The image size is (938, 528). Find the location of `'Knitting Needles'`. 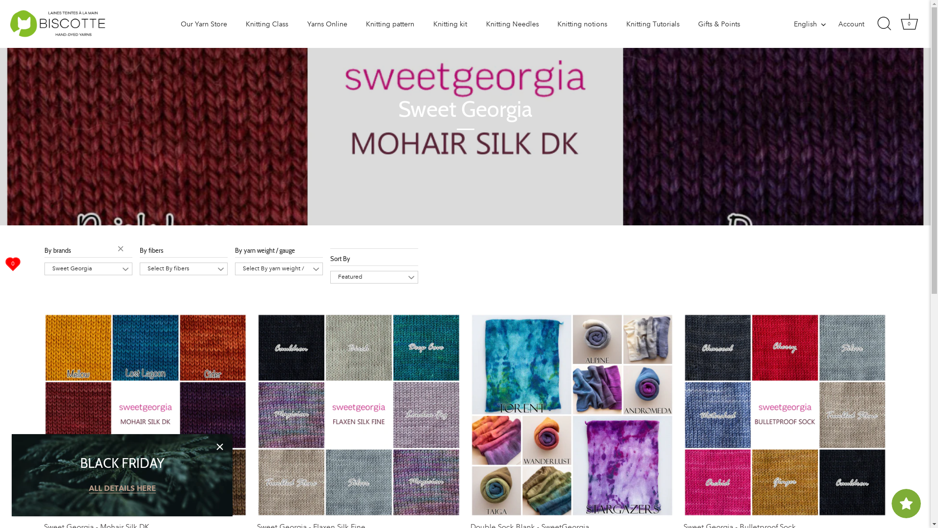

'Knitting Needles' is located at coordinates (512, 23).